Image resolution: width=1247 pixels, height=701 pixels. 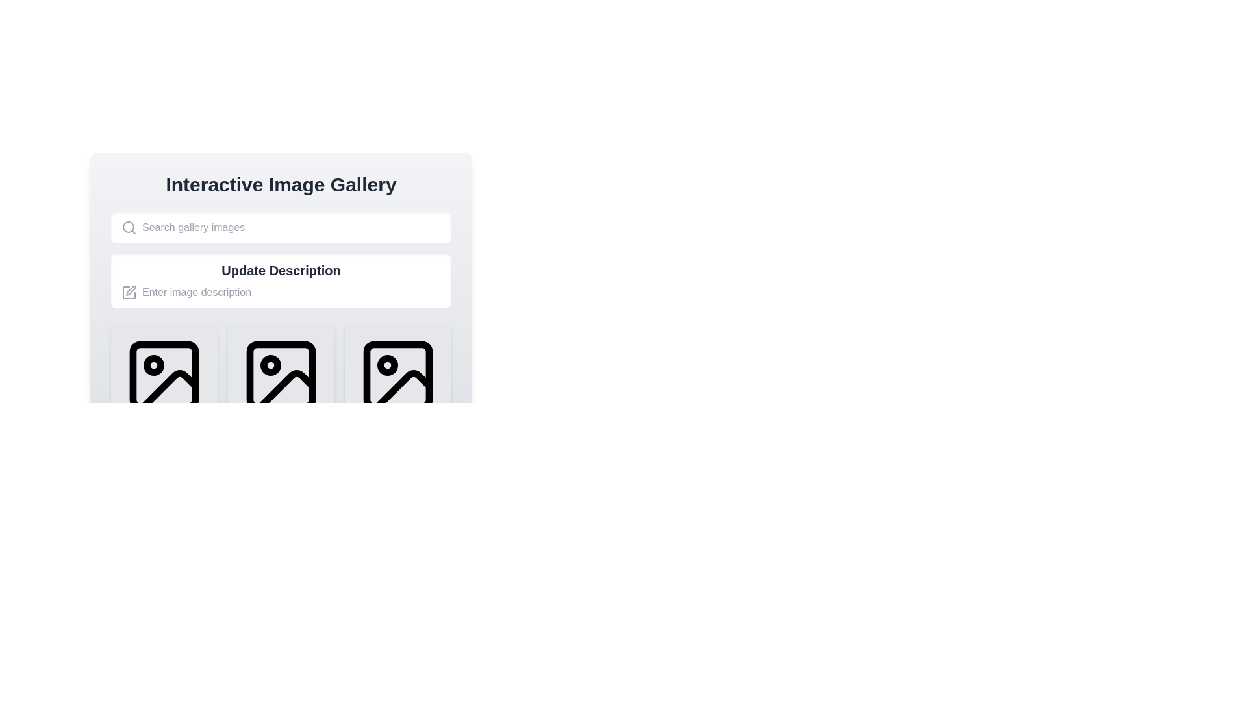 I want to click on the image icon that serves as a visual representation for 'Image 2', which is the second icon in a horizontal row of three icons, so click(x=280, y=375).